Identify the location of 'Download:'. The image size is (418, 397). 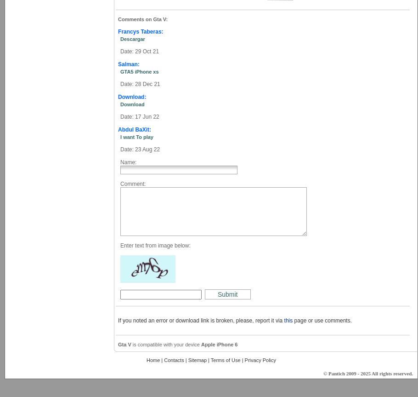
(131, 97).